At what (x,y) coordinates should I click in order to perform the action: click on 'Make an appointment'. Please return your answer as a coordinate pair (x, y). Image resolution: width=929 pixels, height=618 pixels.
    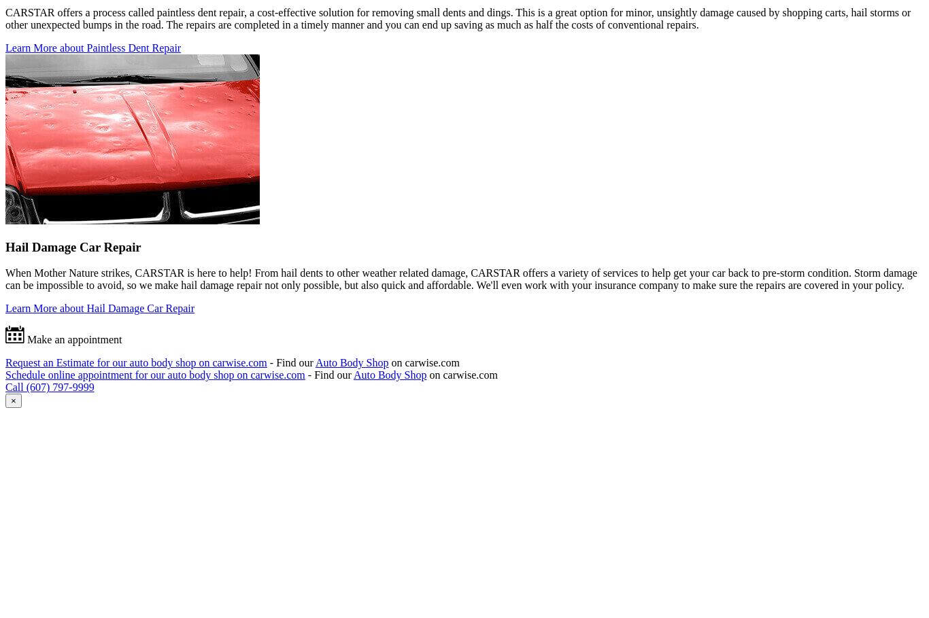
    Looking at the image, I should click on (73, 339).